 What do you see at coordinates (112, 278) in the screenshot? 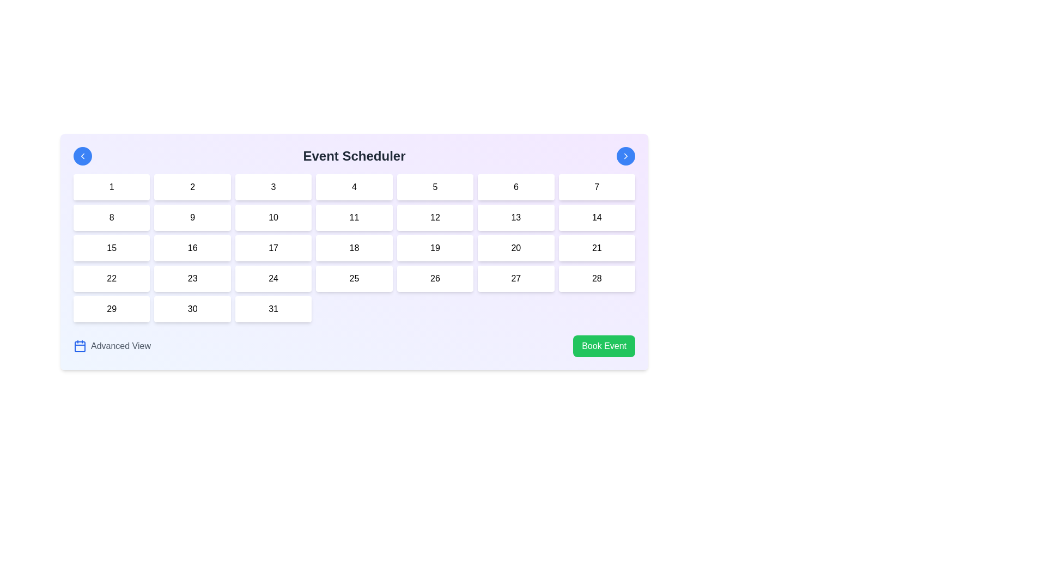
I see `the button located in the fourth row, first column of the calendar grid` at bounding box center [112, 278].